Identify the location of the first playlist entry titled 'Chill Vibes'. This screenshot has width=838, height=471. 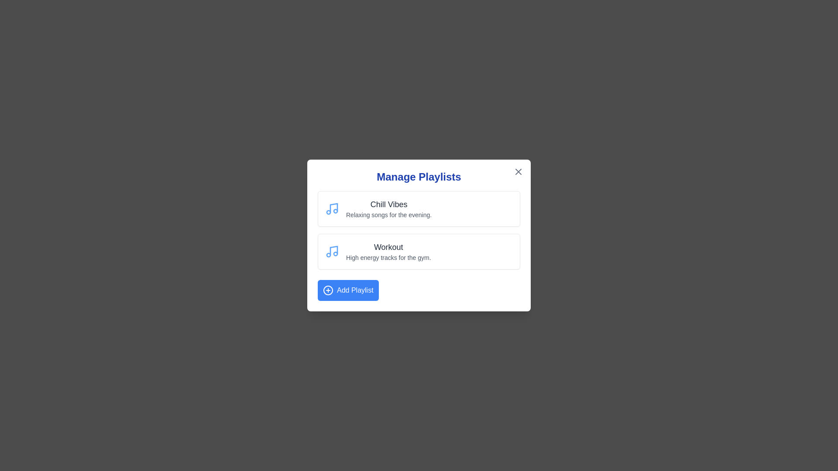
(419, 208).